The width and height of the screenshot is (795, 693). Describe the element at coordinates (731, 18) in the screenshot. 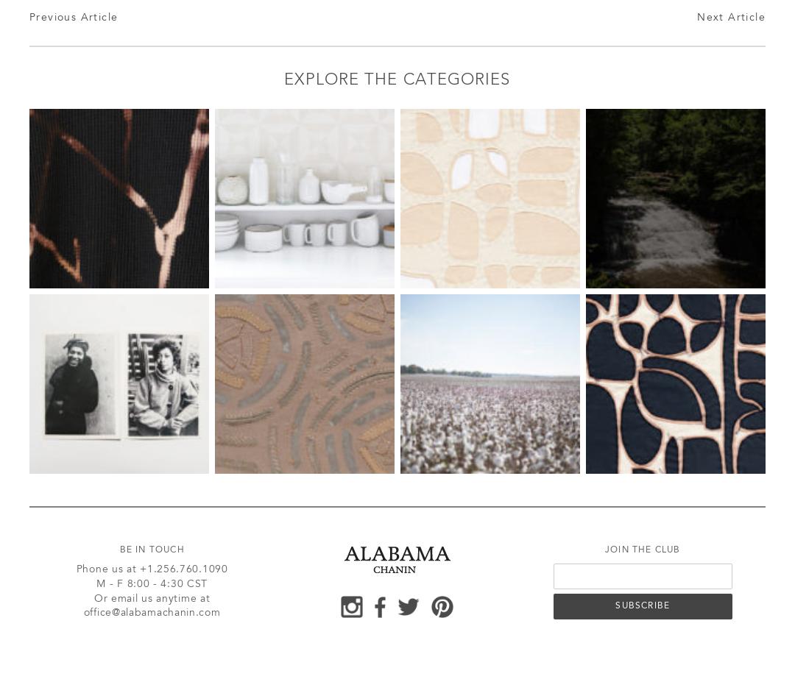

I see `'Next Article'` at that location.